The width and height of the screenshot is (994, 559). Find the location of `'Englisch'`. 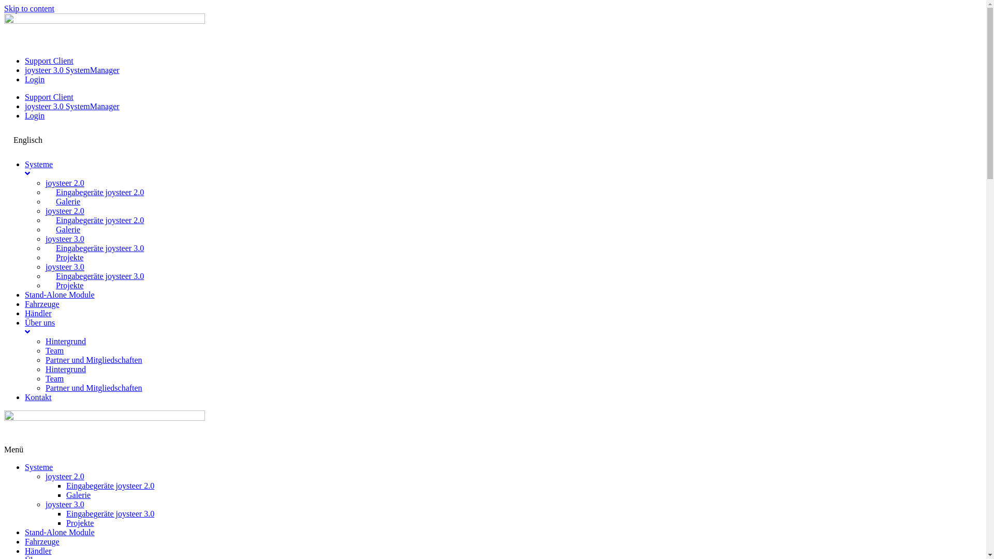

'Englisch' is located at coordinates (27, 140).